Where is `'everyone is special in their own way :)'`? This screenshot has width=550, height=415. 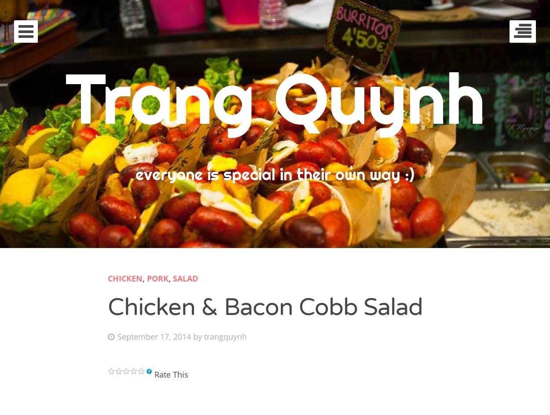
'everyone is special in their own way :)' is located at coordinates (275, 174).